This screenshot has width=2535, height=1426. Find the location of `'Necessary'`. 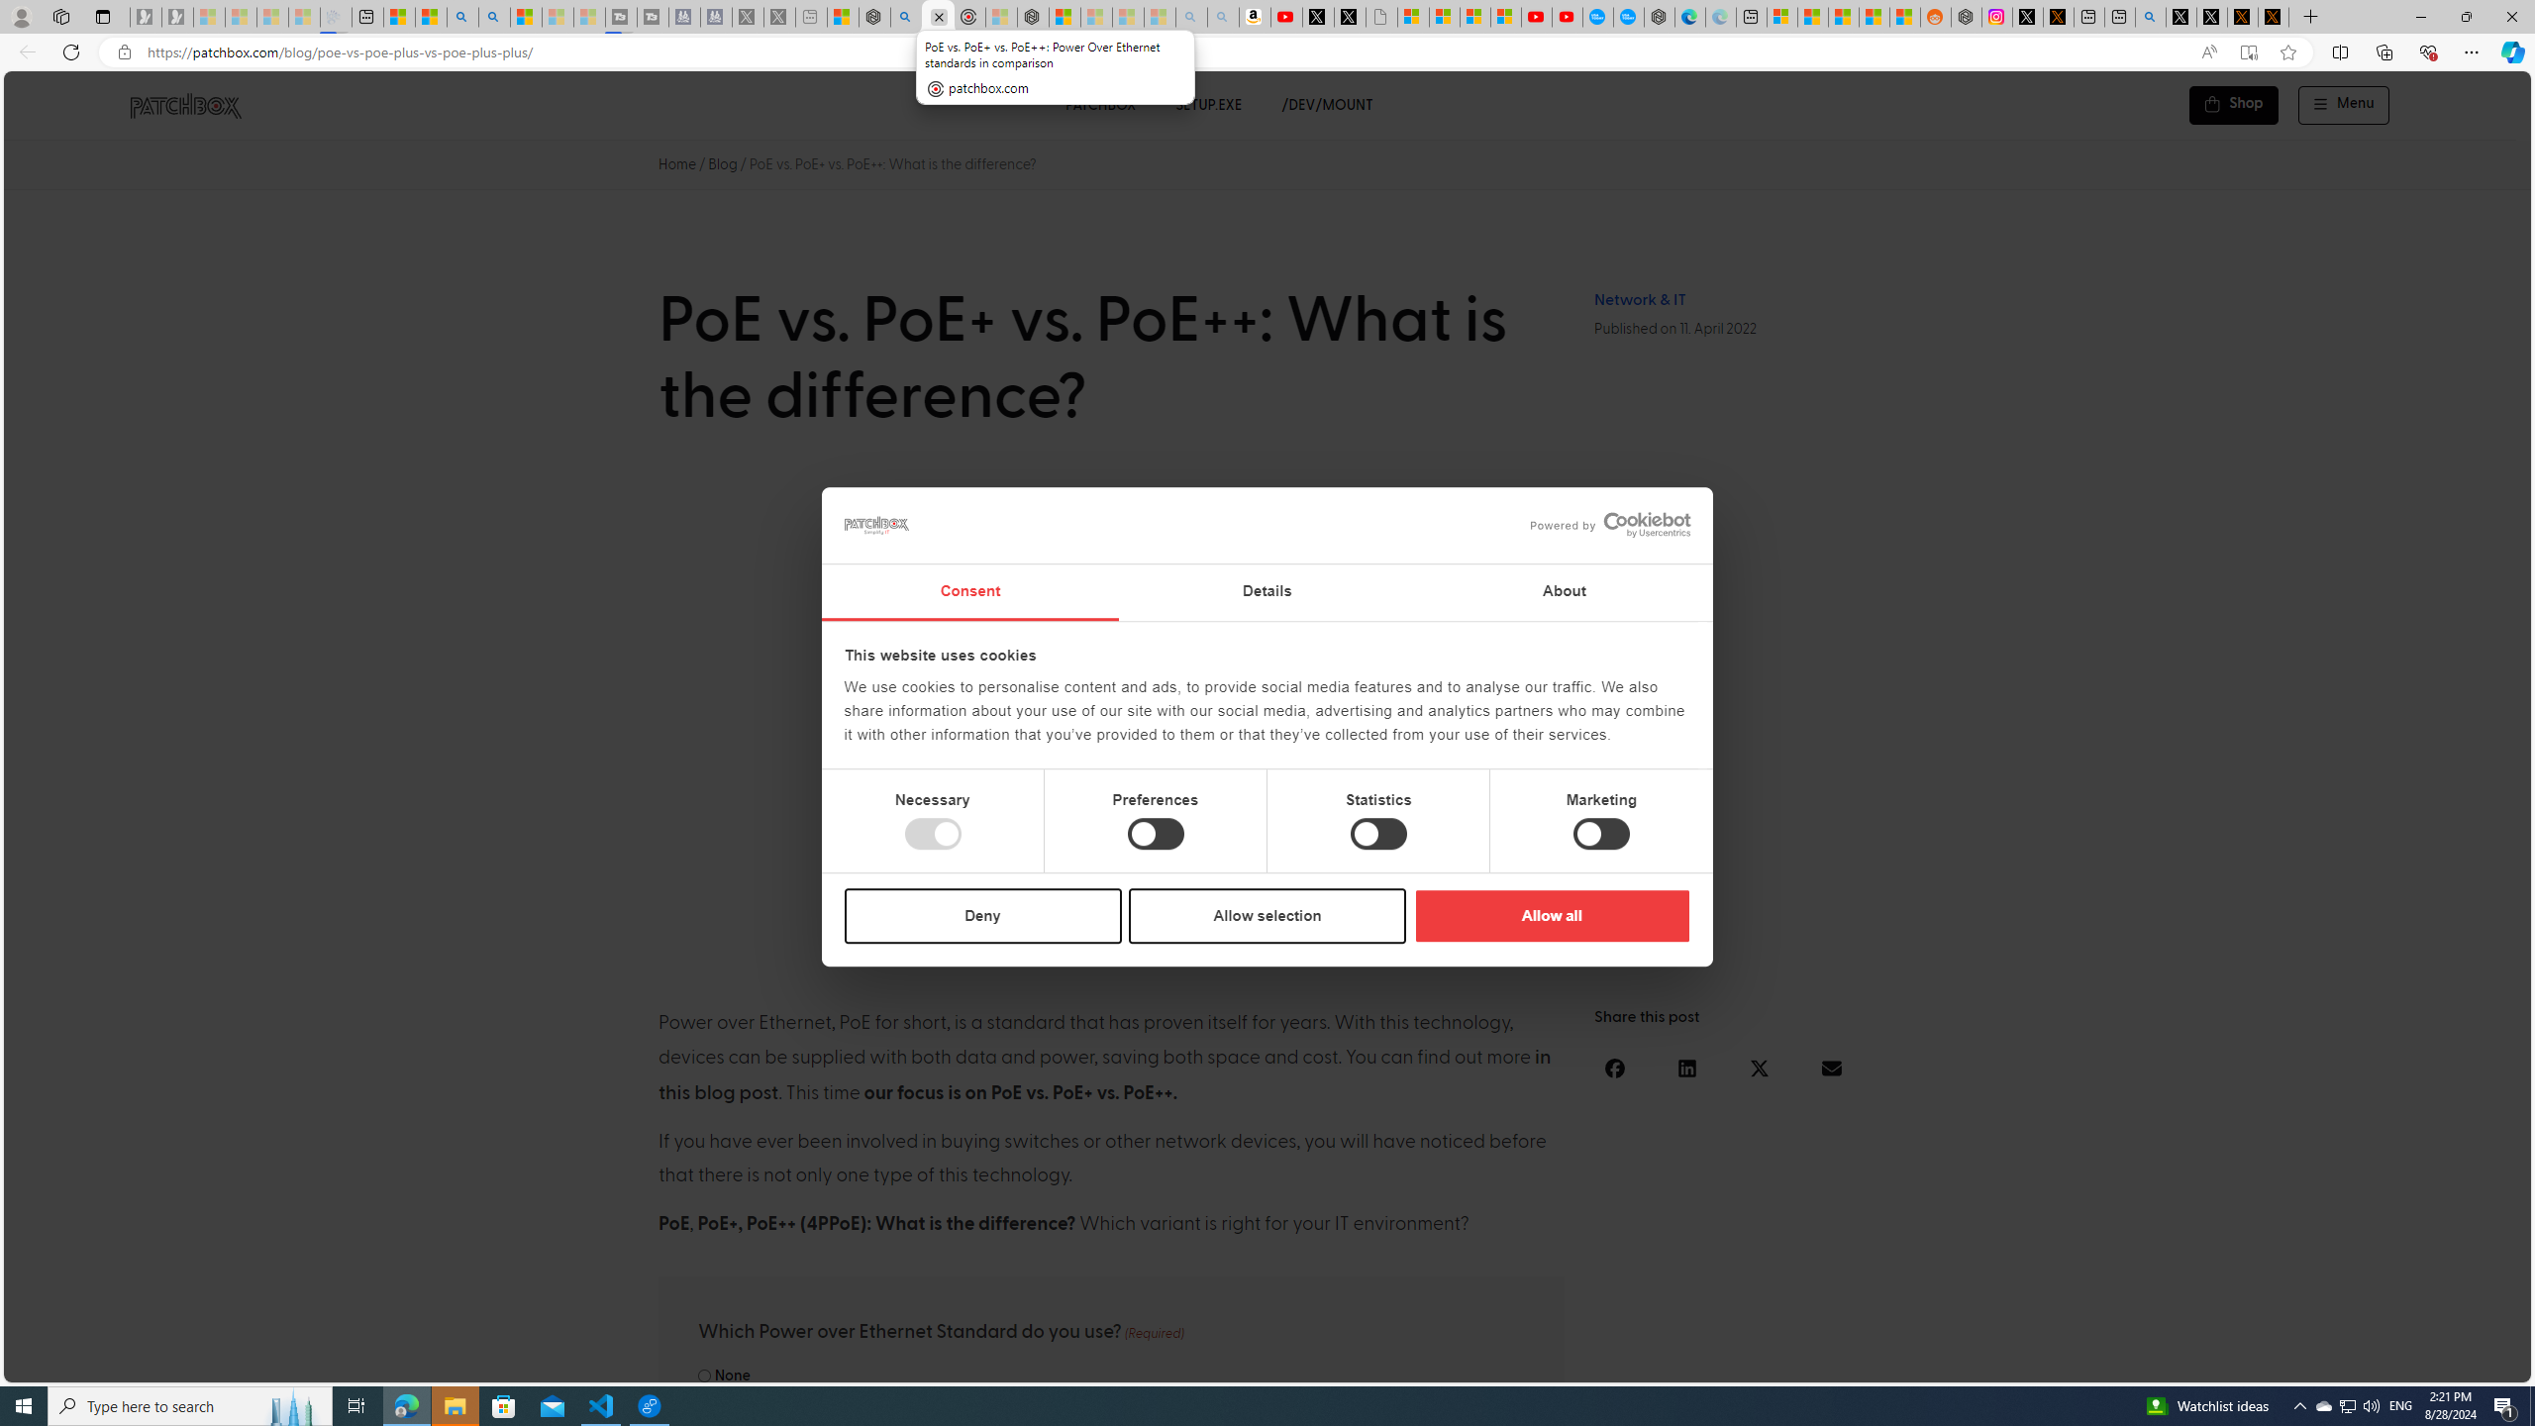

'Necessary' is located at coordinates (932, 834).